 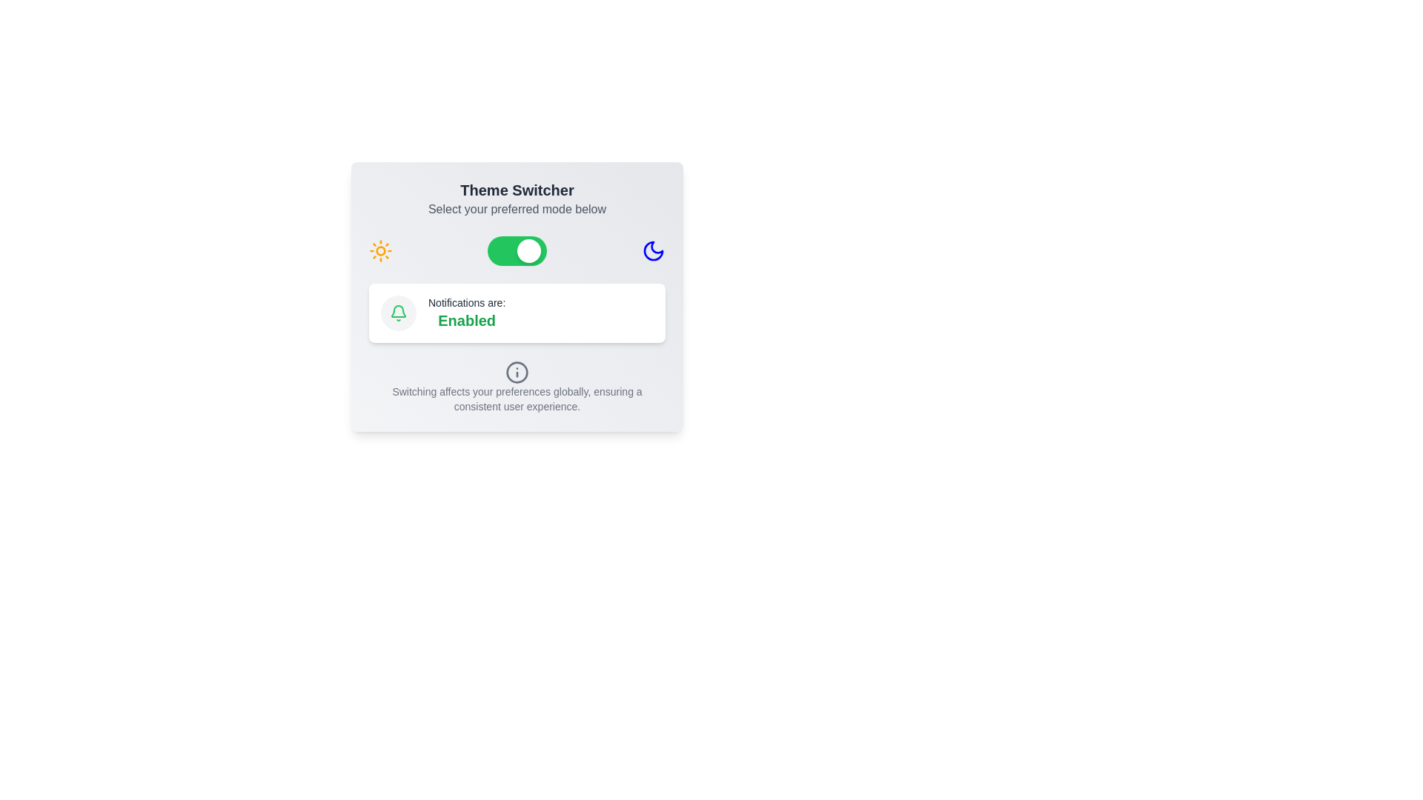 I want to click on the circular outline symbol filled with gray color, which is part of an information icon located at the center of the interface, under the notification area, so click(x=517, y=370).